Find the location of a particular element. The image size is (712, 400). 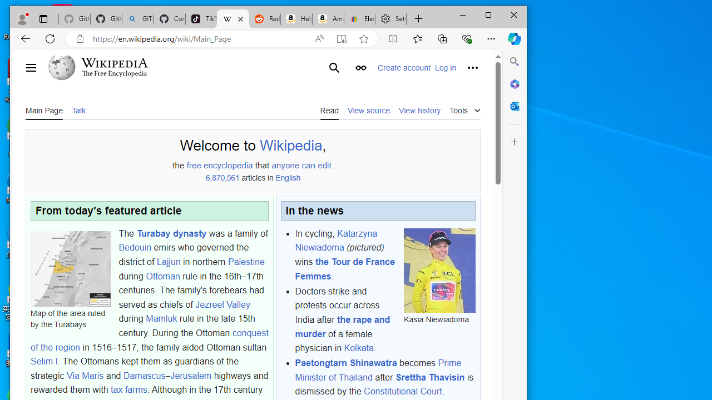

'Kasia Niewiadoma' is located at coordinates (439, 270).